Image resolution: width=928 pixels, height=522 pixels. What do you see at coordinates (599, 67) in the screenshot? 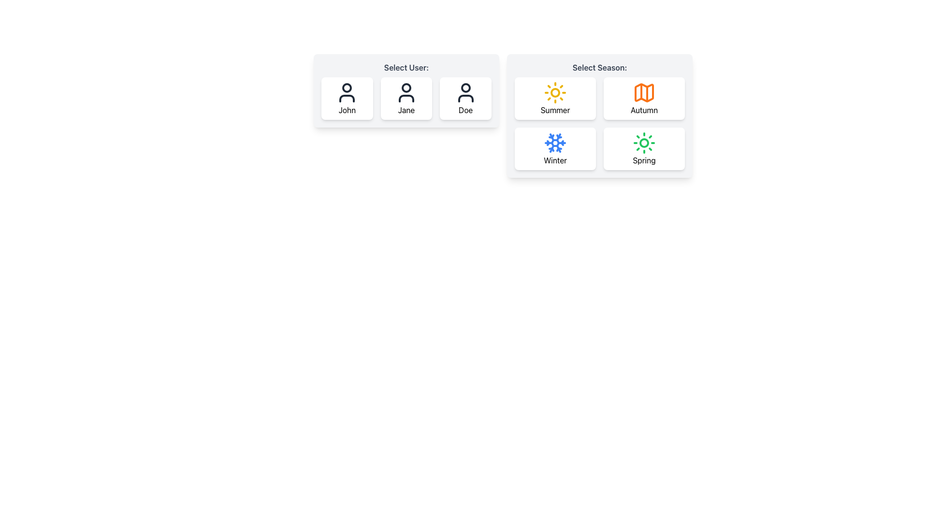
I see `the text label 'Select Season:' which is prominently styled in a semi-bold, gray font at the top-center of the seasonal options card` at bounding box center [599, 67].